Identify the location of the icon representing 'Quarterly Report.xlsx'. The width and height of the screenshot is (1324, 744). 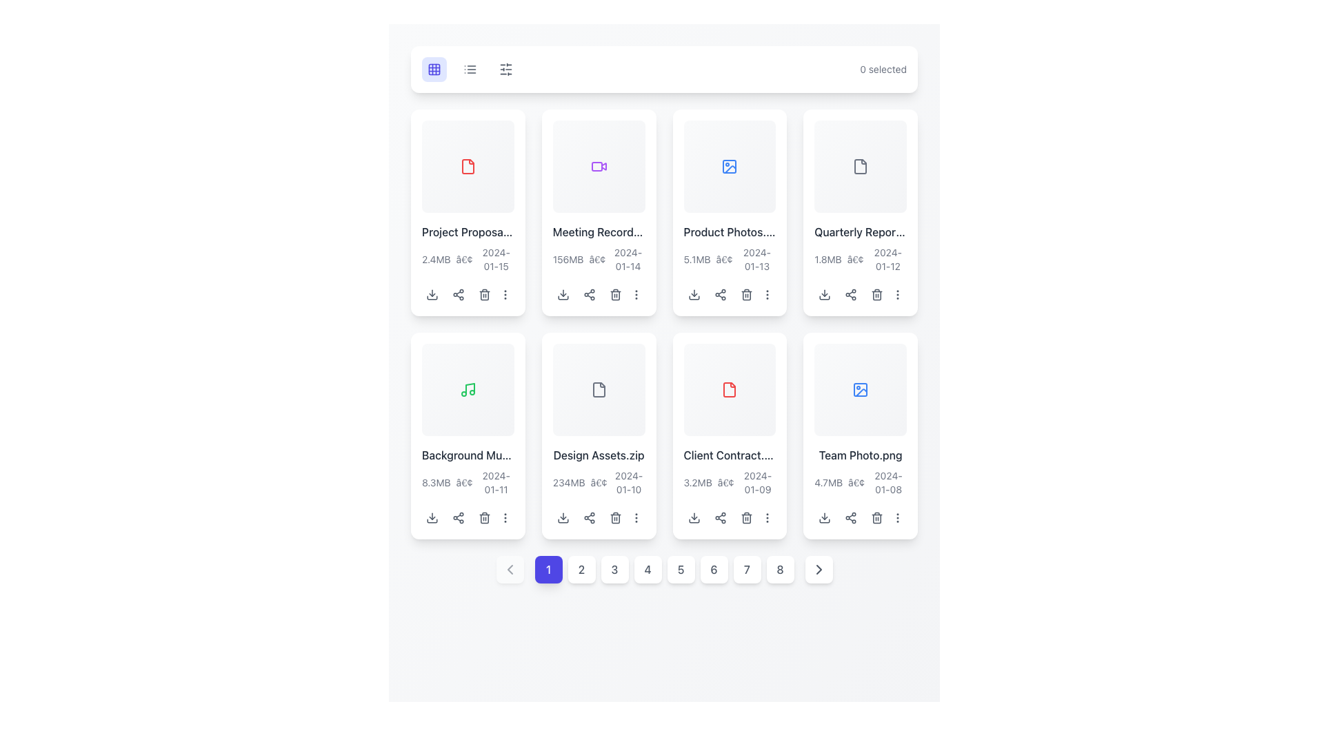
(860, 165).